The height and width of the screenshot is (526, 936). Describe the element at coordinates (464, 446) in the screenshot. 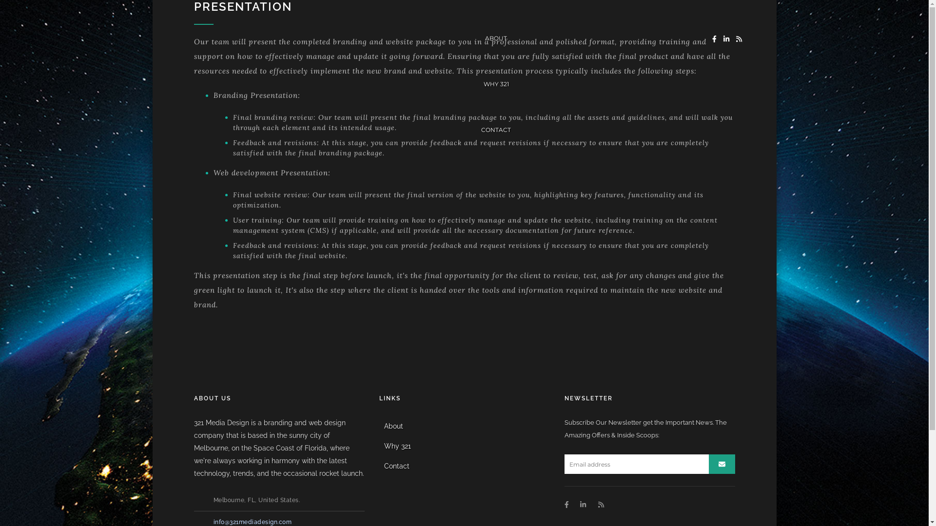

I see `'Why 321'` at that location.